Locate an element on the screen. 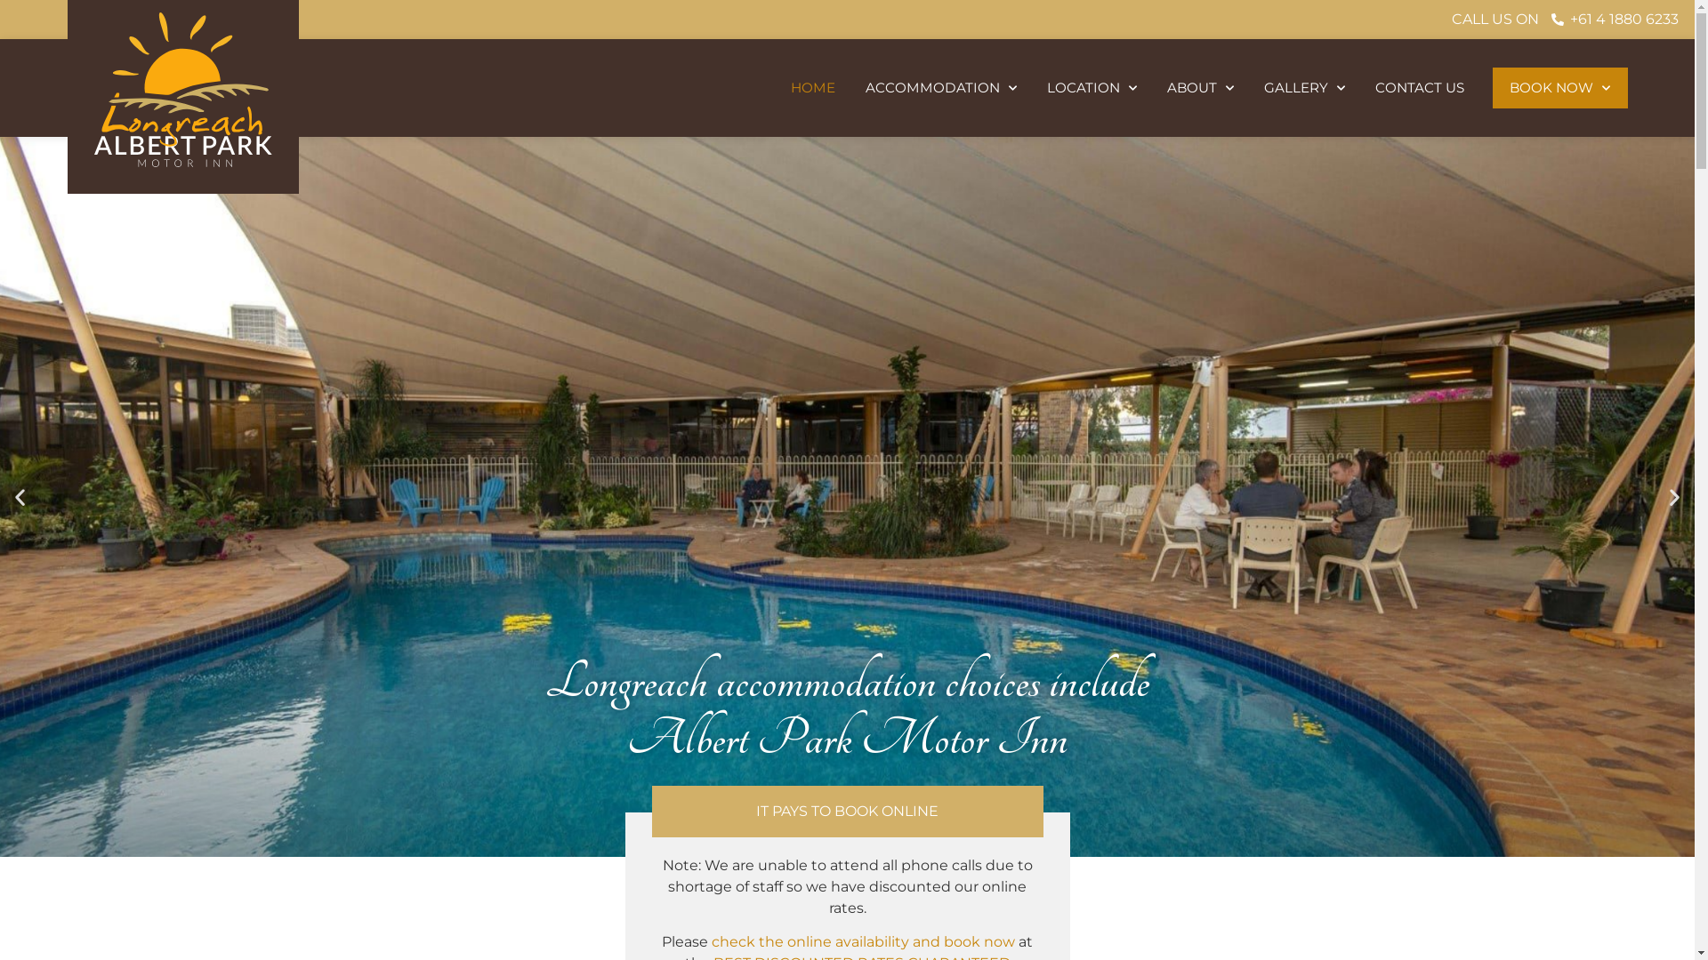 The height and width of the screenshot is (960, 1708). 'BOOK NOW' is located at coordinates (1493, 88).